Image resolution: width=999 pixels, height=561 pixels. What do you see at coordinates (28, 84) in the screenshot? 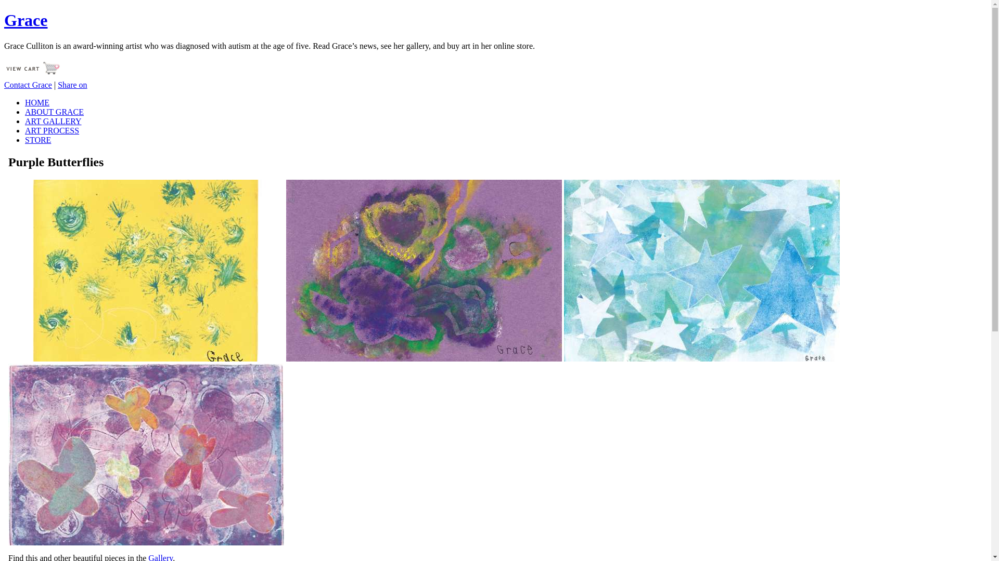
I see `'Contact Grace'` at bounding box center [28, 84].